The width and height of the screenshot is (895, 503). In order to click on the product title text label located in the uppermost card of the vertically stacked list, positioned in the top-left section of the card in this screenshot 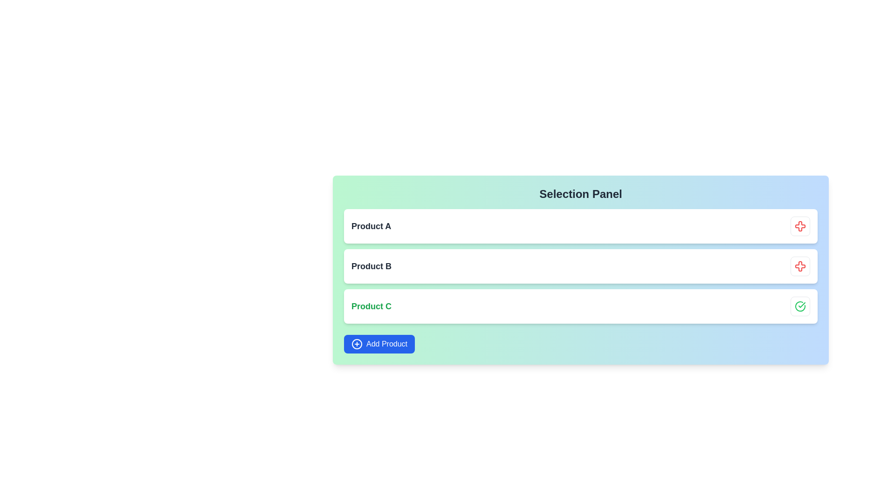, I will do `click(371, 226)`.